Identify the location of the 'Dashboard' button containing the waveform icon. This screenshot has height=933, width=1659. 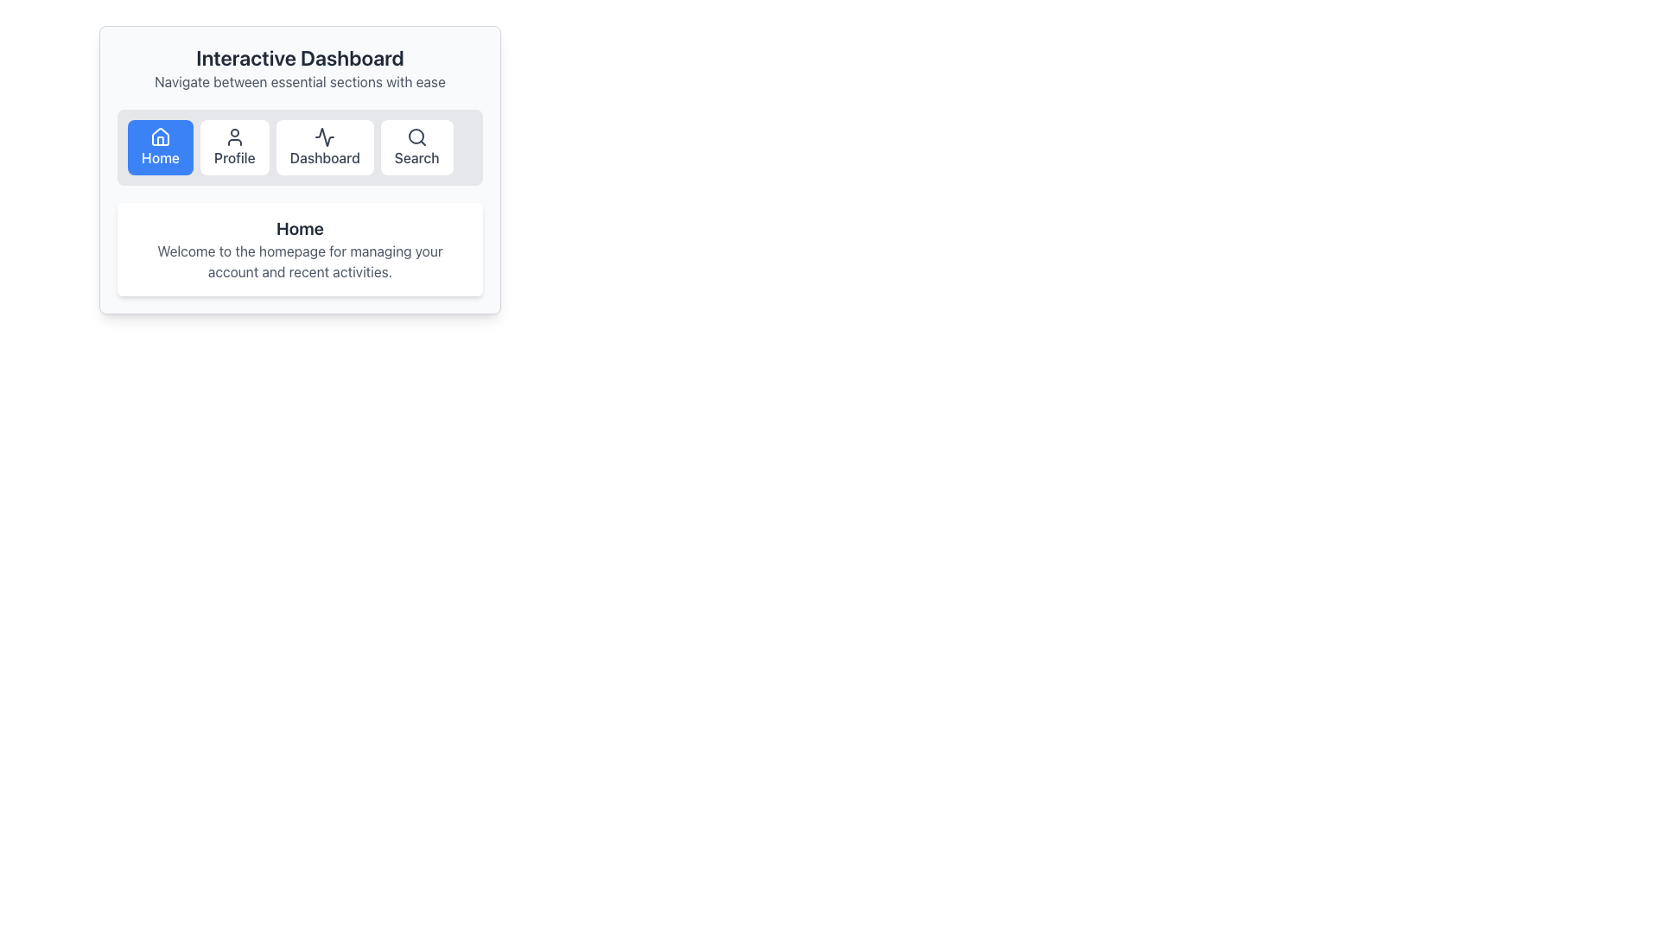
(325, 136).